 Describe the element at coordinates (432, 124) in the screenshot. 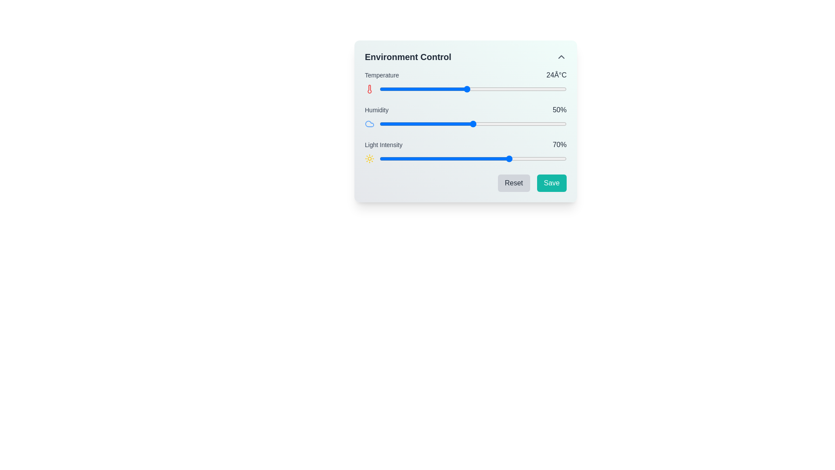

I see `the humidity` at that location.